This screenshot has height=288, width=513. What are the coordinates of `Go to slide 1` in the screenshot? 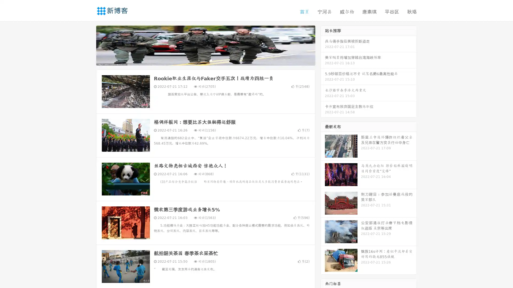 It's located at (200, 60).